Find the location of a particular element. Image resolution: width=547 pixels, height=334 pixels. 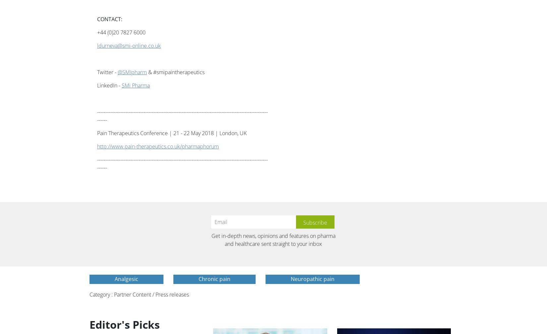

'Category :
								

										
				    
			
			Partner Content

			

			

											/
									

										
				    
			
			Press releases' is located at coordinates (89, 294).